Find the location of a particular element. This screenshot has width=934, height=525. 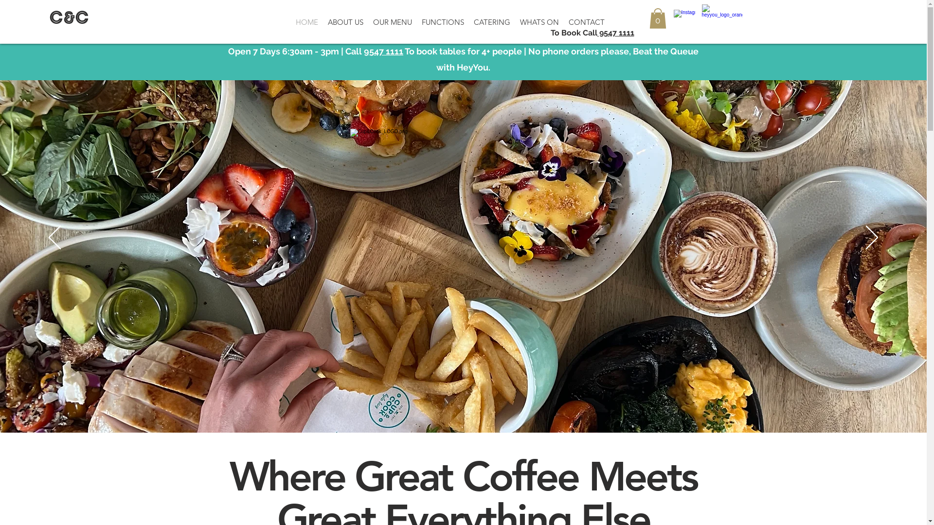

'FUNCTIONS' is located at coordinates (442, 22).